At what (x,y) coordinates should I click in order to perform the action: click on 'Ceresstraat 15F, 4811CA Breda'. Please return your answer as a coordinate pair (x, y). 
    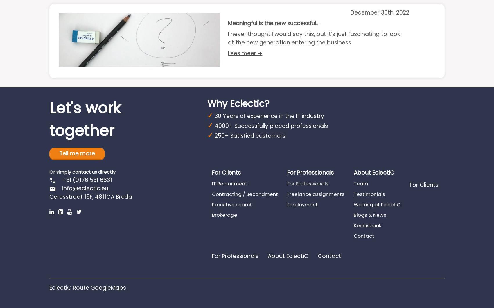
    Looking at the image, I should click on (91, 196).